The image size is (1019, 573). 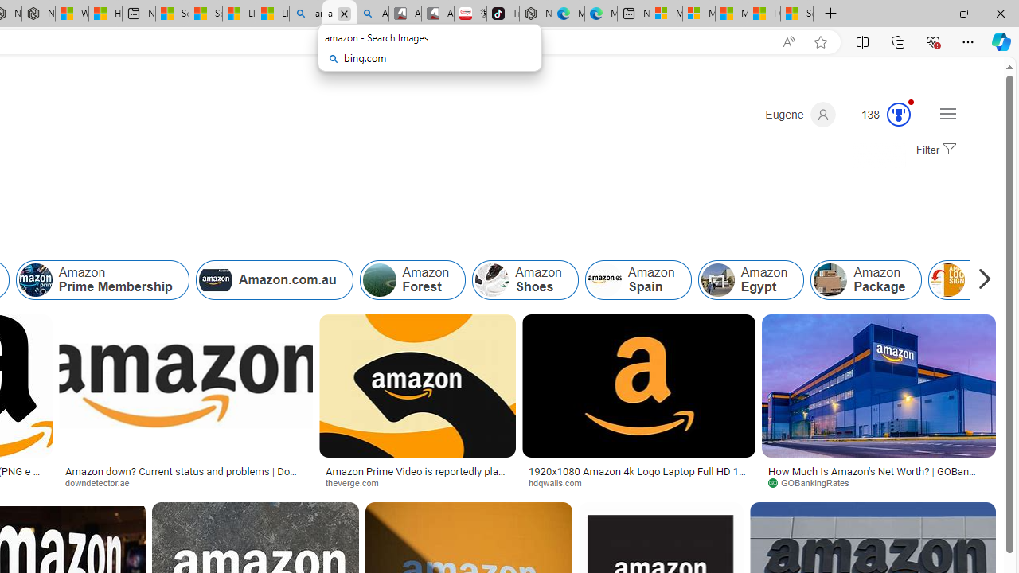 What do you see at coordinates (412, 279) in the screenshot?
I see `'Amazon Forest'` at bounding box center [412, 279].